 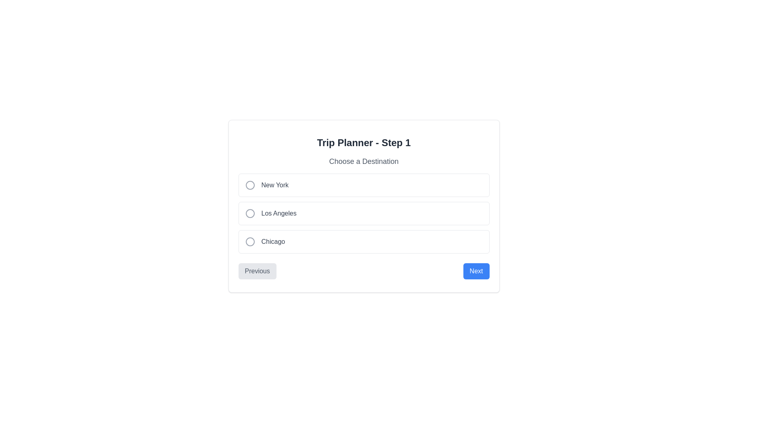 What do you see at coordinates (363, 185) in the screenshot?
I see `the 'New York' radio button option in the 'Choose a Destination' section` at bounding box center [363, 185].